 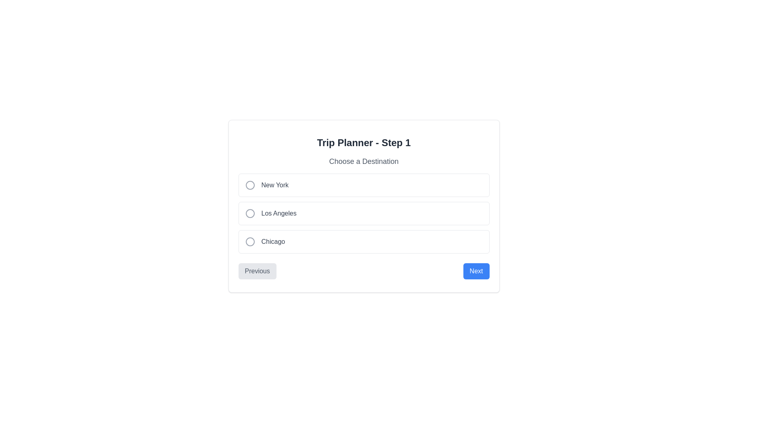 What do you see at coordinates (363, 185) in the screenshot?
I see `the 'New York' radio button option in the 'Choose a Destination' section` at bounding box center [363, 185].